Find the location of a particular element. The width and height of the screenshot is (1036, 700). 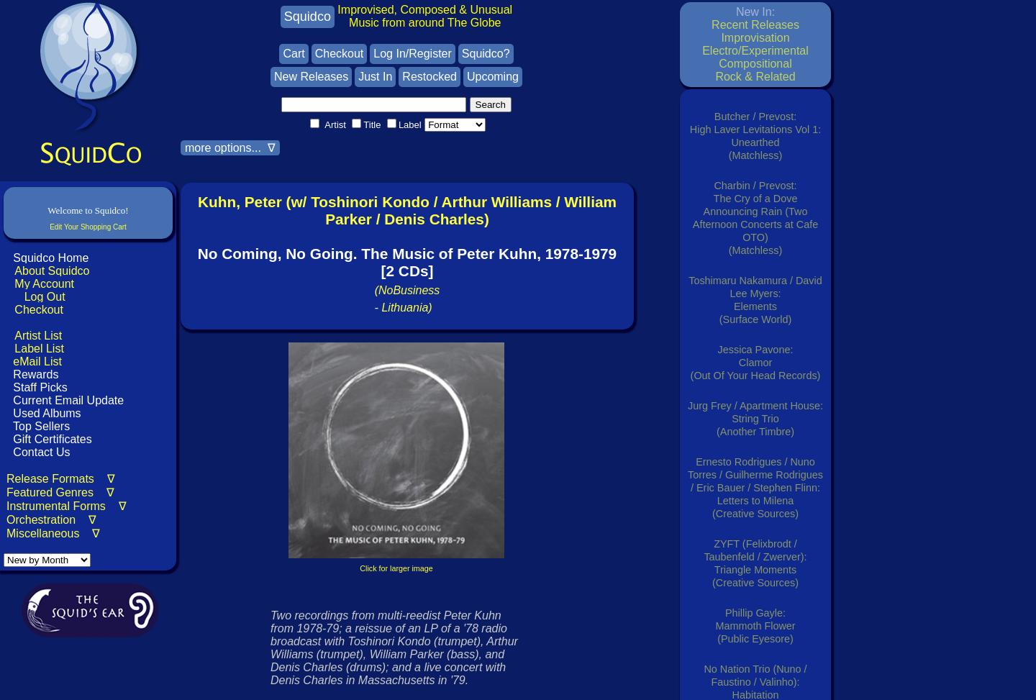

'New In:' is located at coordinates (755, 12).